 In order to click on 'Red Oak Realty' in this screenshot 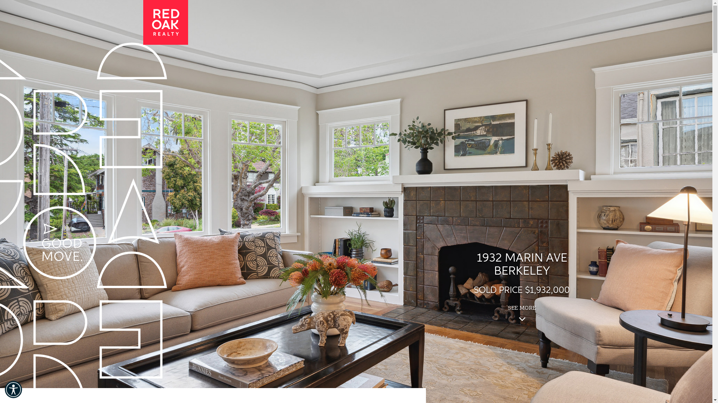, I will do `click(165, 21)`.